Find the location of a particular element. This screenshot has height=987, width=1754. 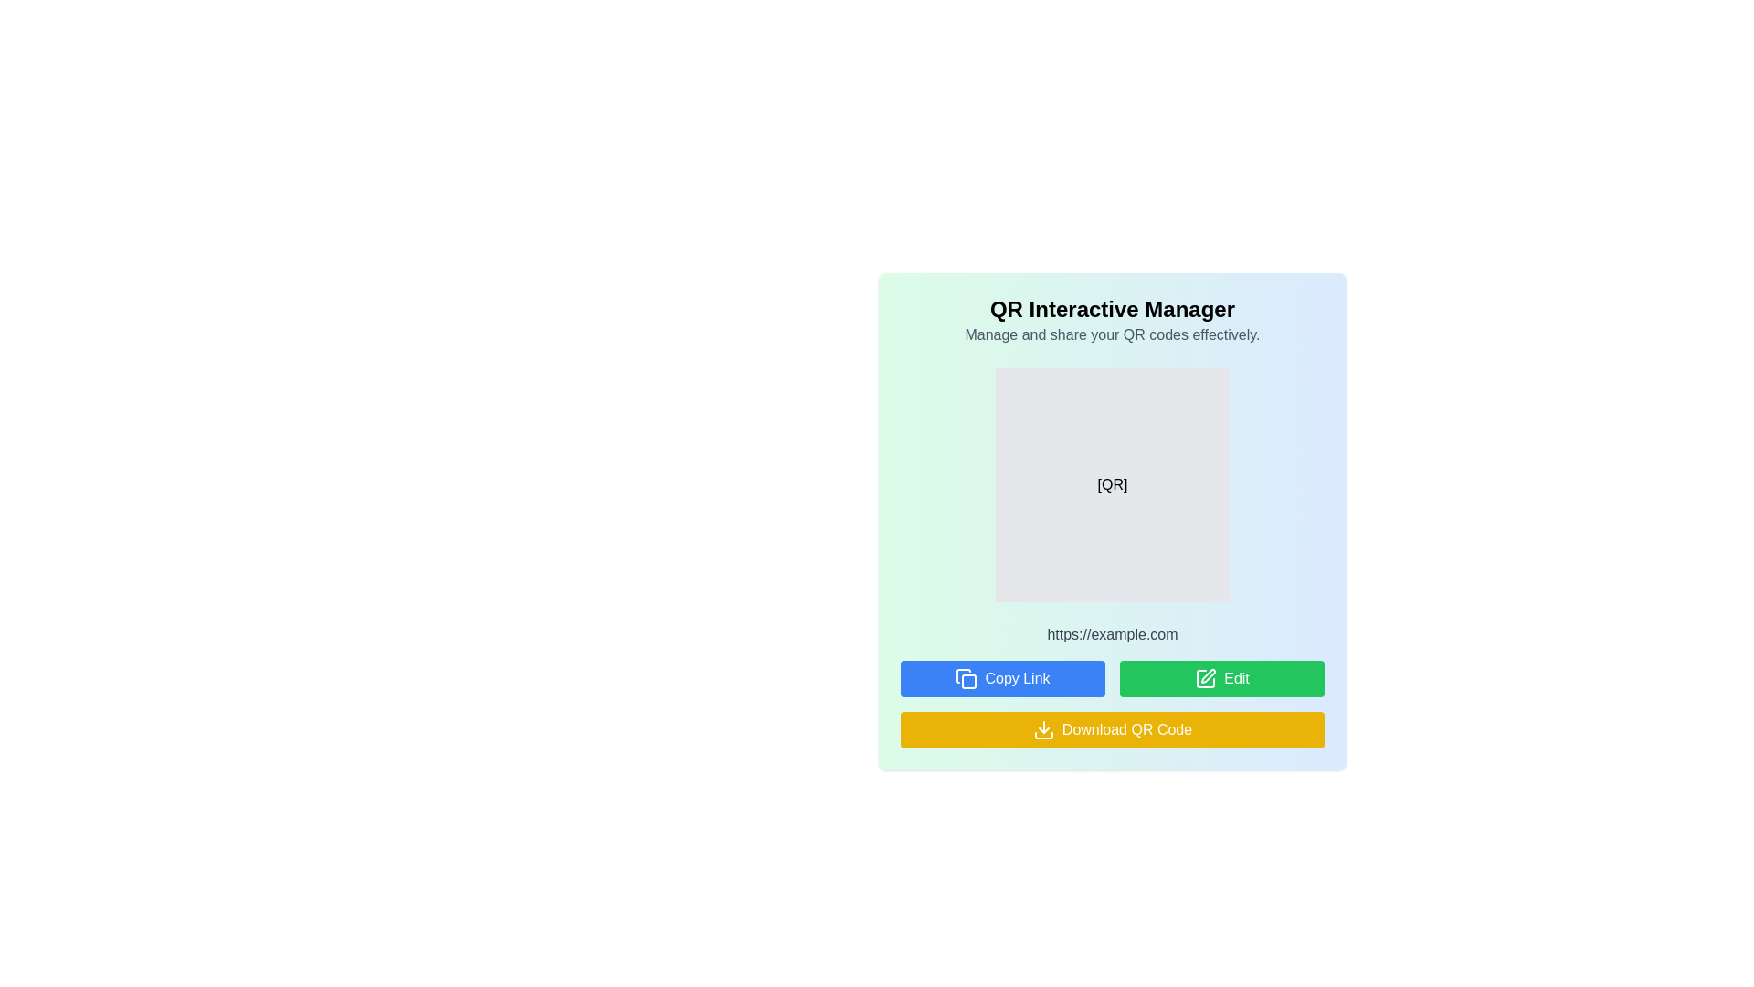

the text label '[QR]' which is centrally located within a light grey square area, positioned below the title 'QR Interactive Manager' is located at coordinates (1112, 484).